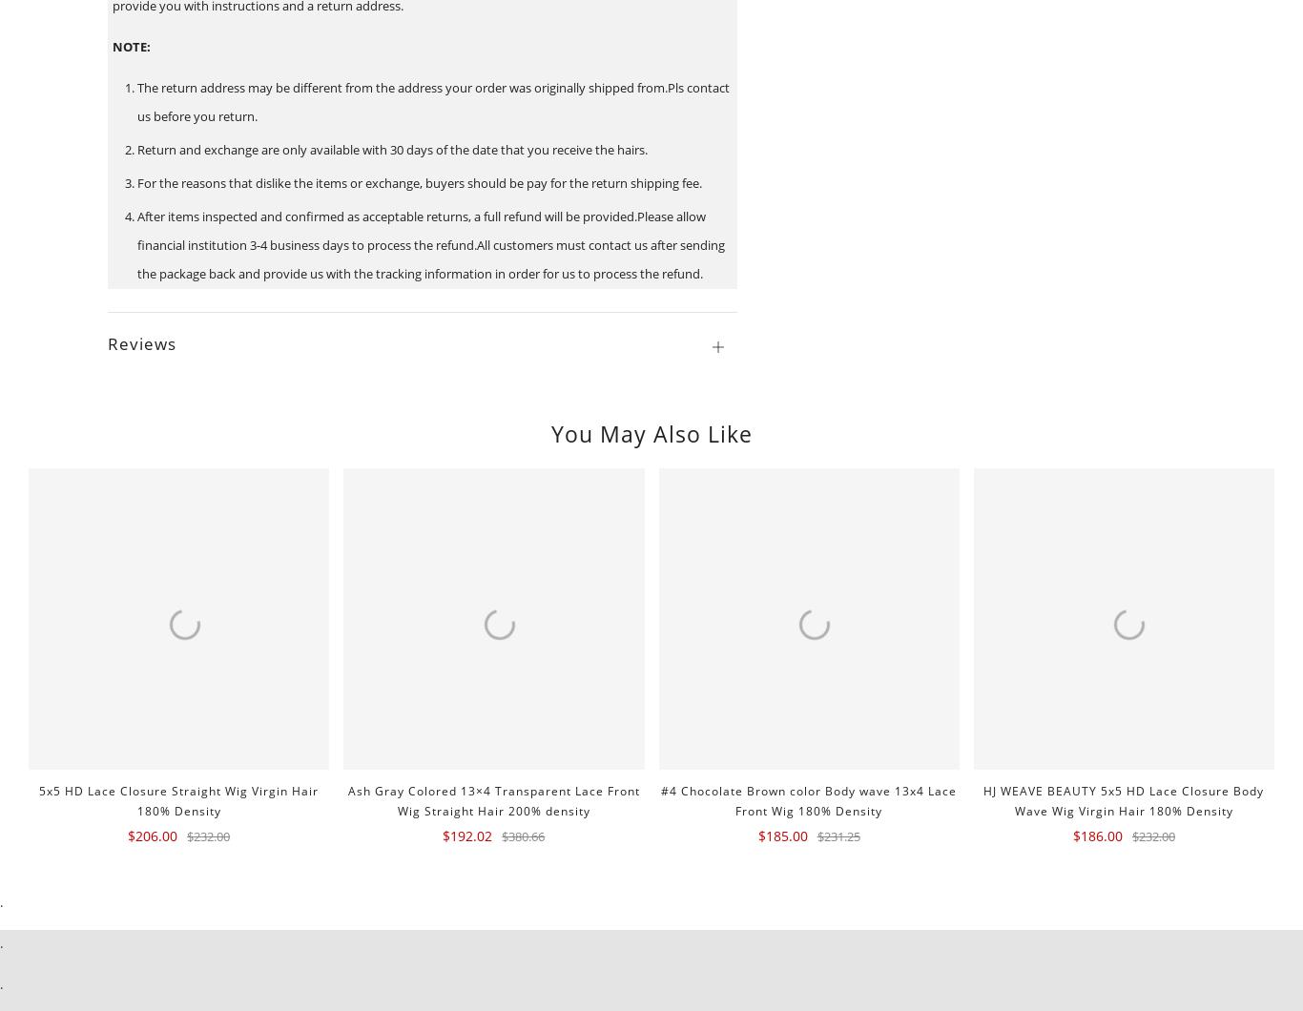 This screenshot has width=1303, height=1011. Describe the element at coordinates (808, 799) in the screenshot. I see `'#4 Chocolate Brown color Body wave 13x4 Lace Front Wig 180% Density'` at that location.